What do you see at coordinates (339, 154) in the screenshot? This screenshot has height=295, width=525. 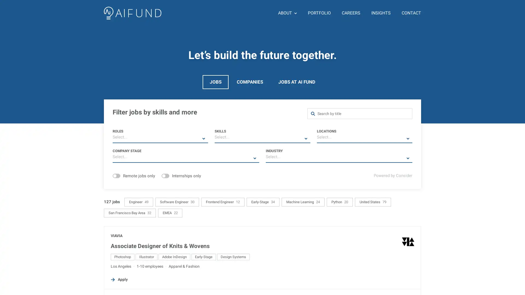 I see `INDUSTRY Select...` at bounding box center [339, 154].